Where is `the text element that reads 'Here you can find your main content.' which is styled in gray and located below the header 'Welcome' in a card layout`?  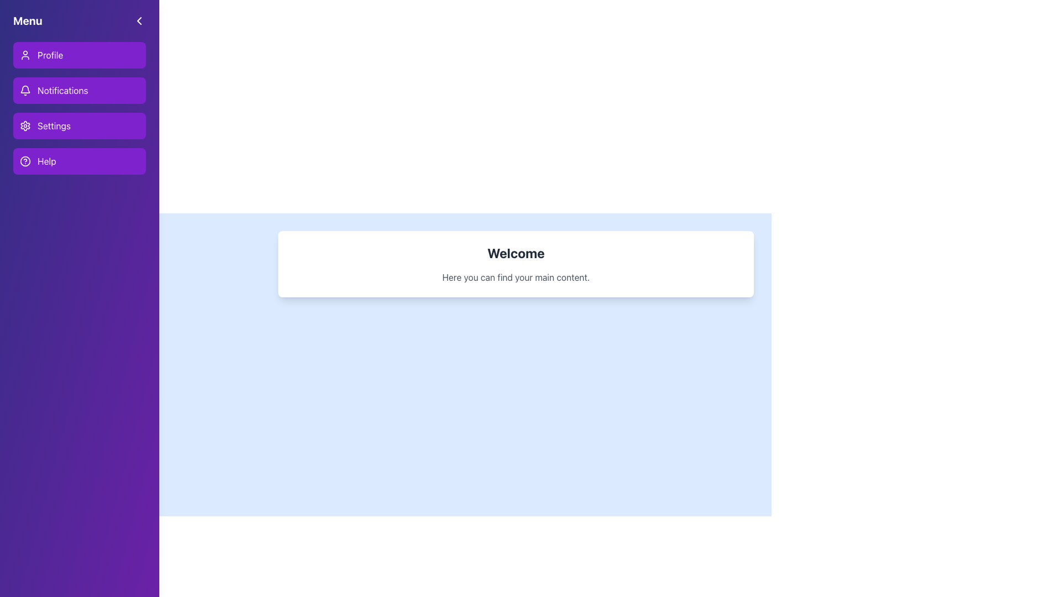 the text element that reads 'Here you can find your main content.' which is styled in gray and located below the header 'Welcome' in a card layout is located at coordinates (515, 276).